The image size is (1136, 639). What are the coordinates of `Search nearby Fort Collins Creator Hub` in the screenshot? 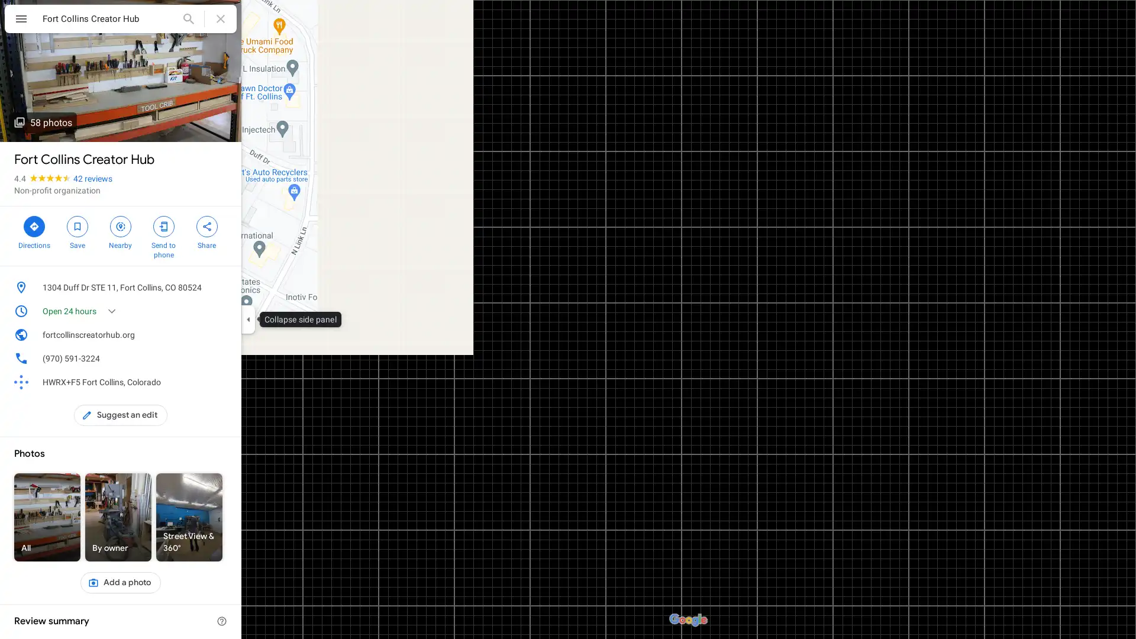 It's located at (120, 231).